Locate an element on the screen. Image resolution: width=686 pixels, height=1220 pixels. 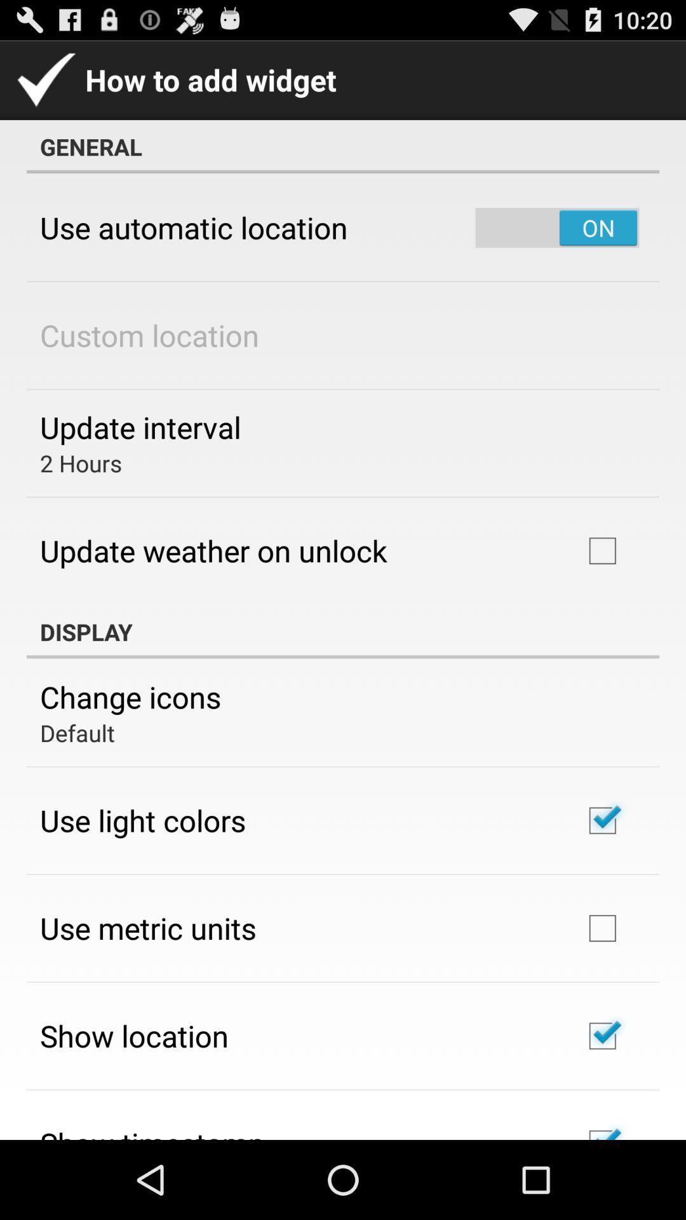
the item to the right of the use automatic location item is located at coordinates (556, 227).